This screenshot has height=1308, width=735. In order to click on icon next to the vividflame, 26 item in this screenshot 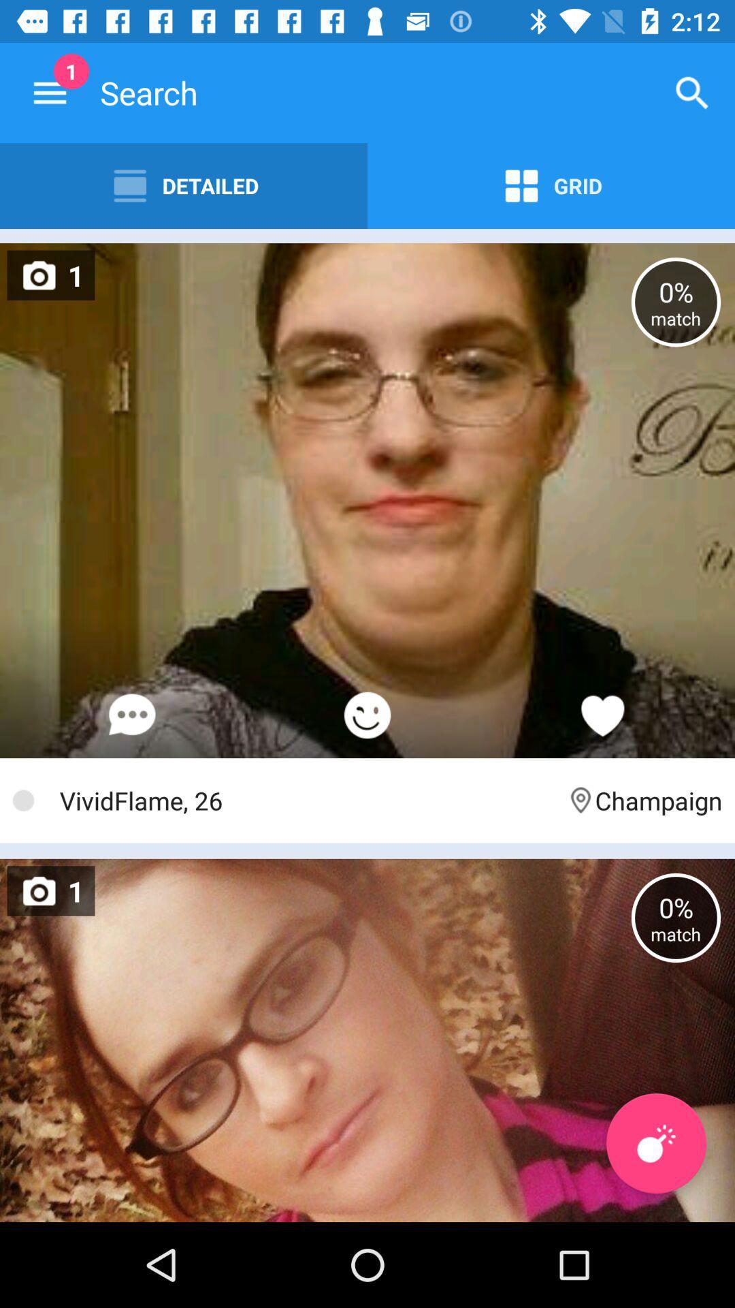, I will do `click(643, 800)`.